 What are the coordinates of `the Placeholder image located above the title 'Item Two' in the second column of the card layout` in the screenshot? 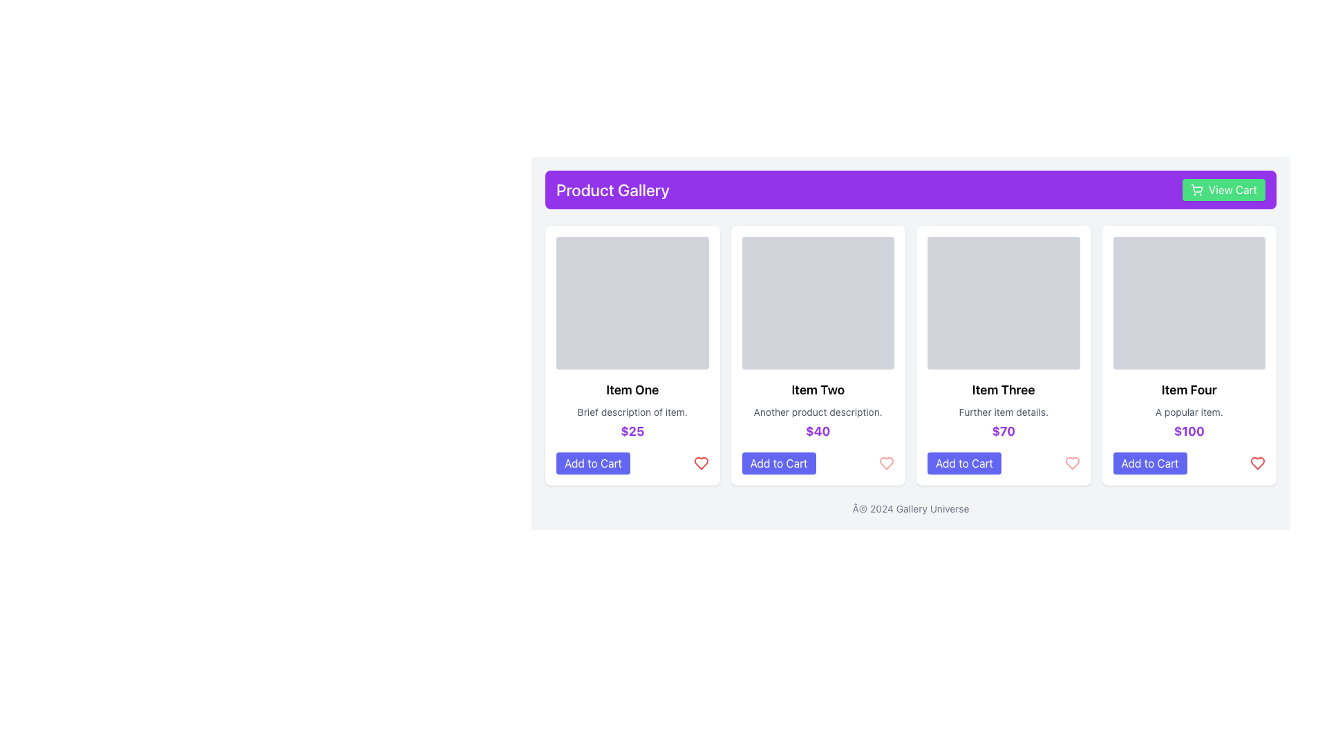 It's located at (818, 303).